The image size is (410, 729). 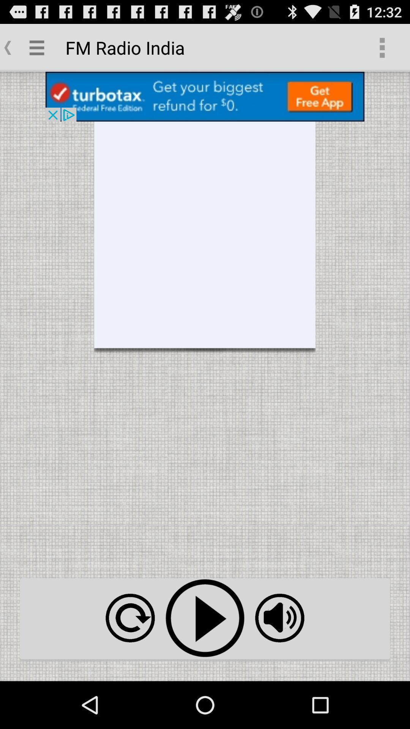 What do you see at coordinates (205, 618) in the screenshot?
I see `video` at bounding box center [205, 618].